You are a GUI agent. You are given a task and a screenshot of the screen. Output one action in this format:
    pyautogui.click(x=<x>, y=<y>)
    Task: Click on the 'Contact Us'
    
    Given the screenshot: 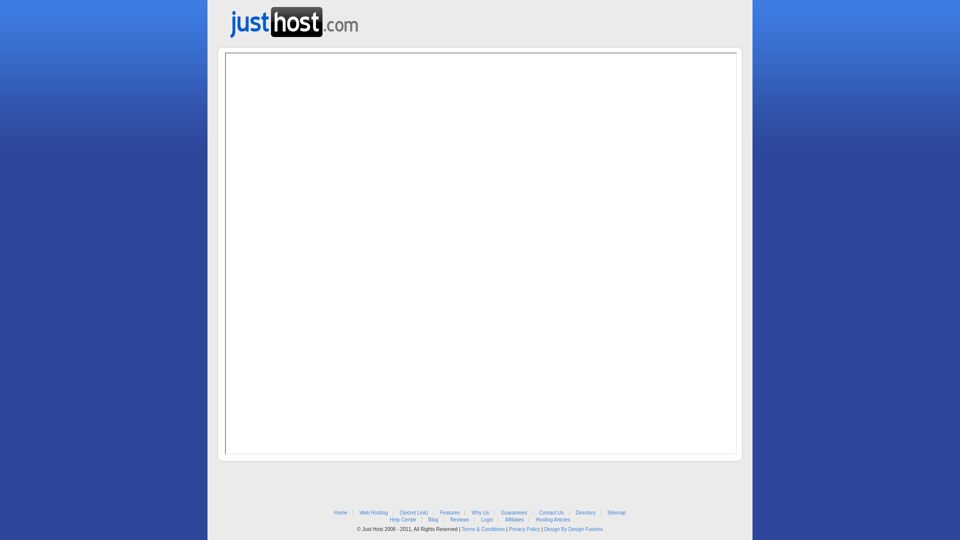 What is the action you would take?
    pyautogui.click(x=538, y=512)
    